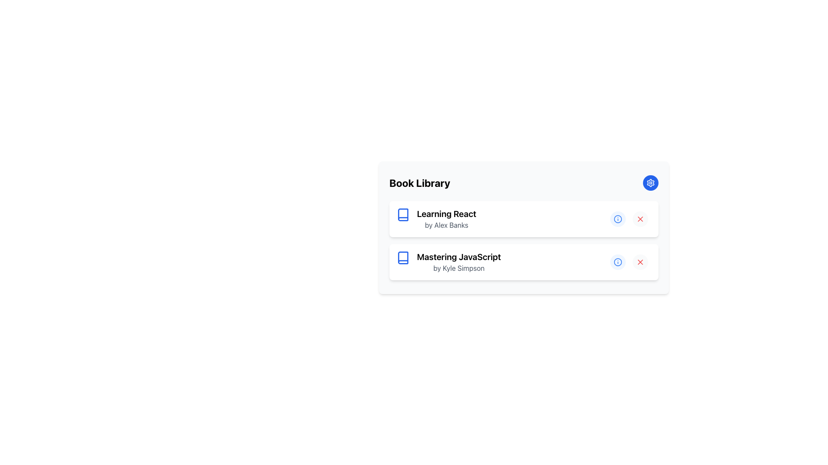 Image resolution: width=828 pixels, height=465 pixels. What do you see at coordinates (640, 219) in the screenshot?
I see `the delete button for the 'Learning React' entry in the 'Book Library' to observe its hover effect` at bounding box center [640, 219].